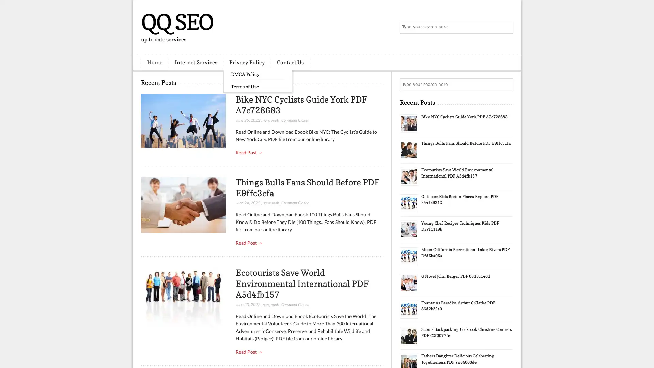  What do you see at coordinates (506, 85) in the screenshot?
I see `Search` at bounding box center [506, 85].